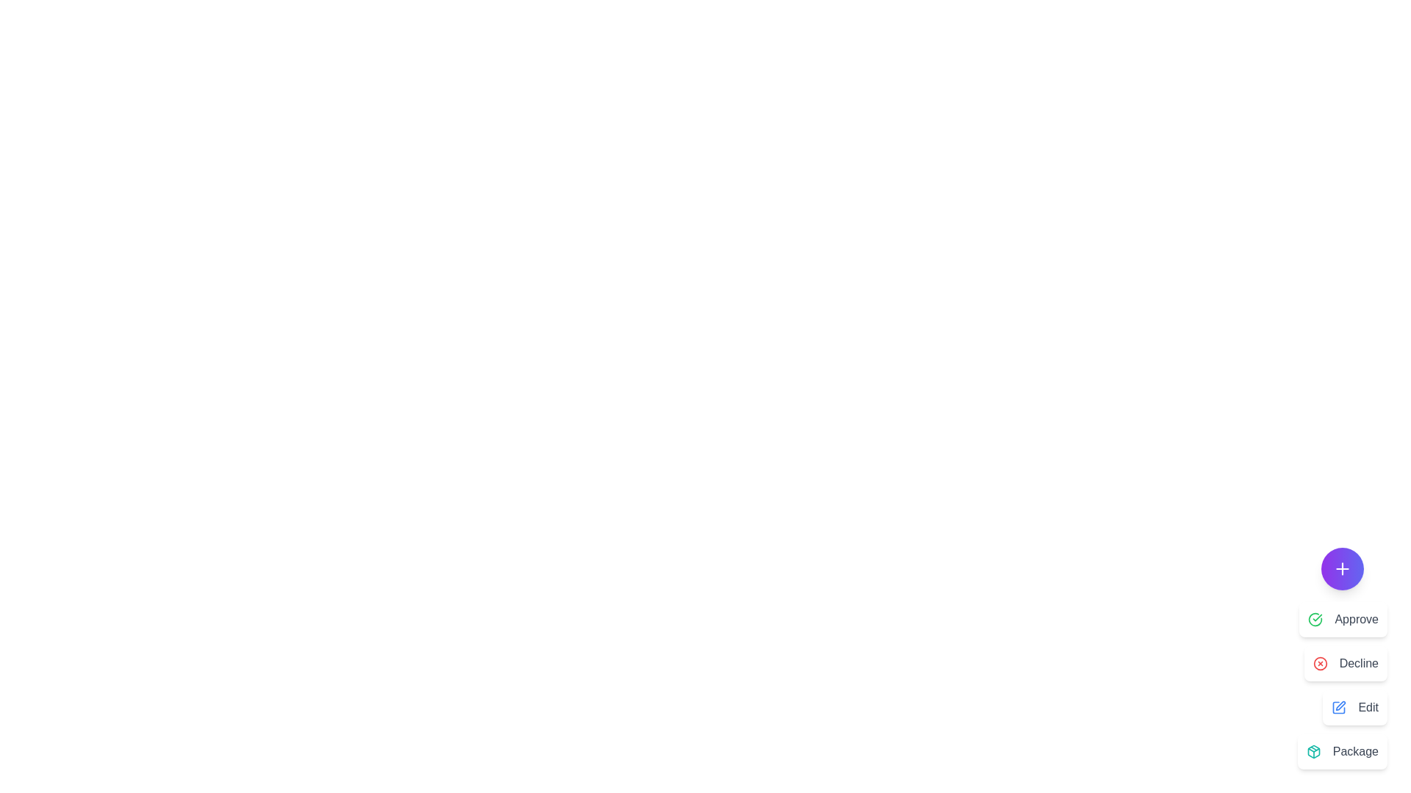  I want to click on the Decline button to activate the Decline action, so click(1345, 663).